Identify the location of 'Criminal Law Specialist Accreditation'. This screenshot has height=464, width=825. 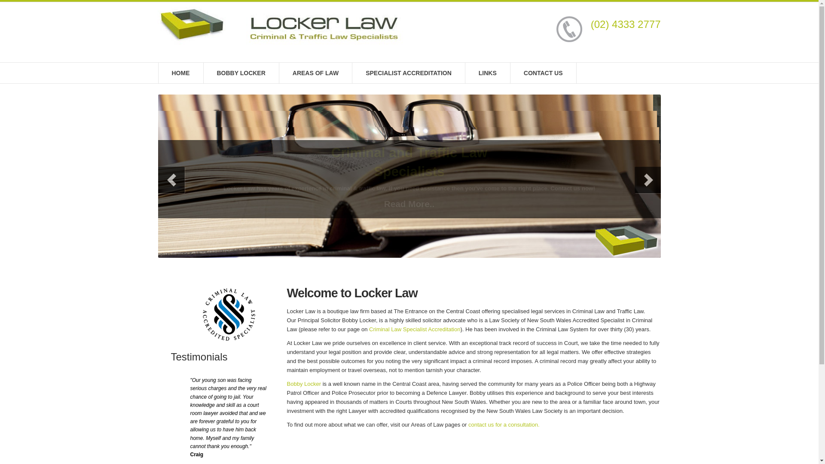
(369, 329).